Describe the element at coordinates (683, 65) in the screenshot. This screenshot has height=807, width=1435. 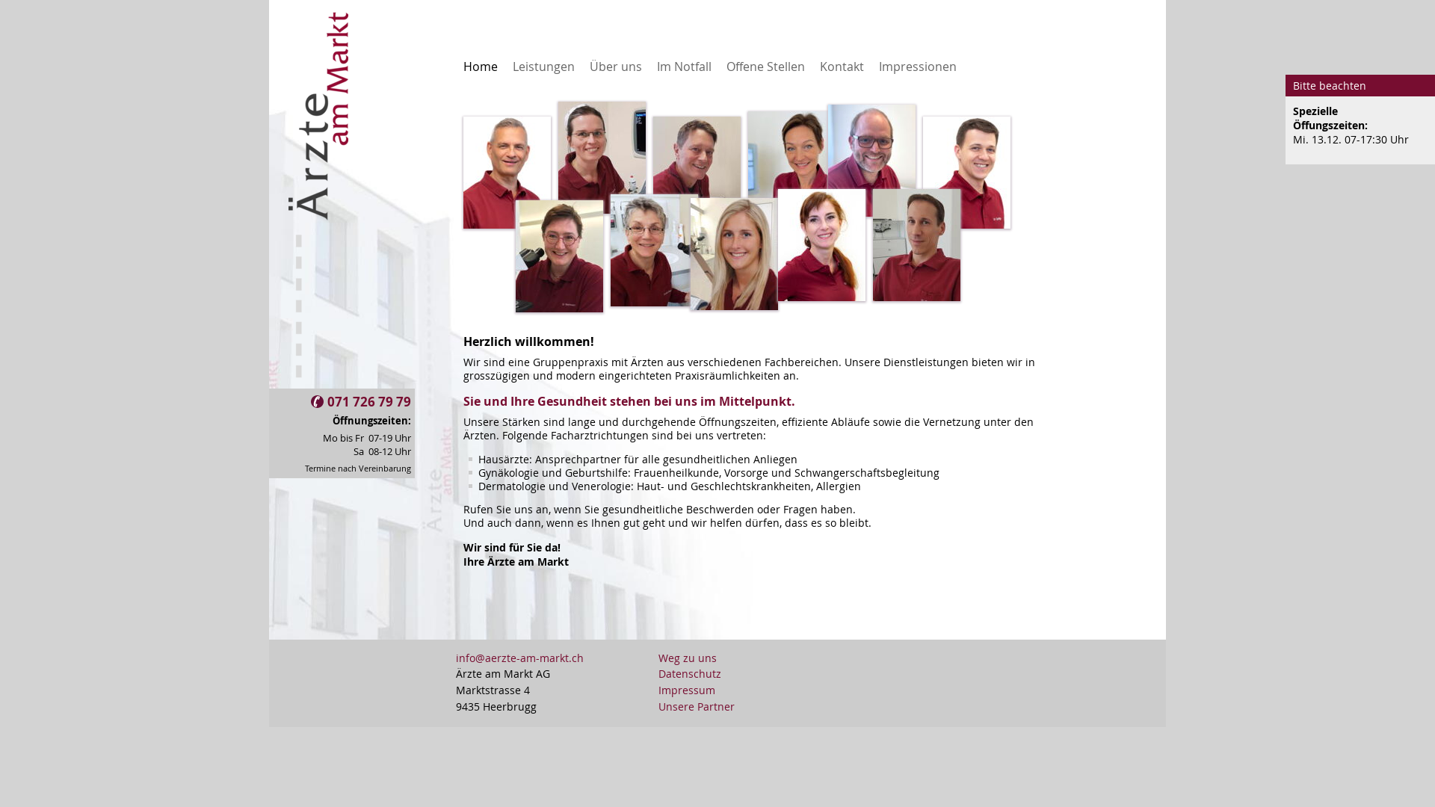
I see `'Im Notfall'` at that location.